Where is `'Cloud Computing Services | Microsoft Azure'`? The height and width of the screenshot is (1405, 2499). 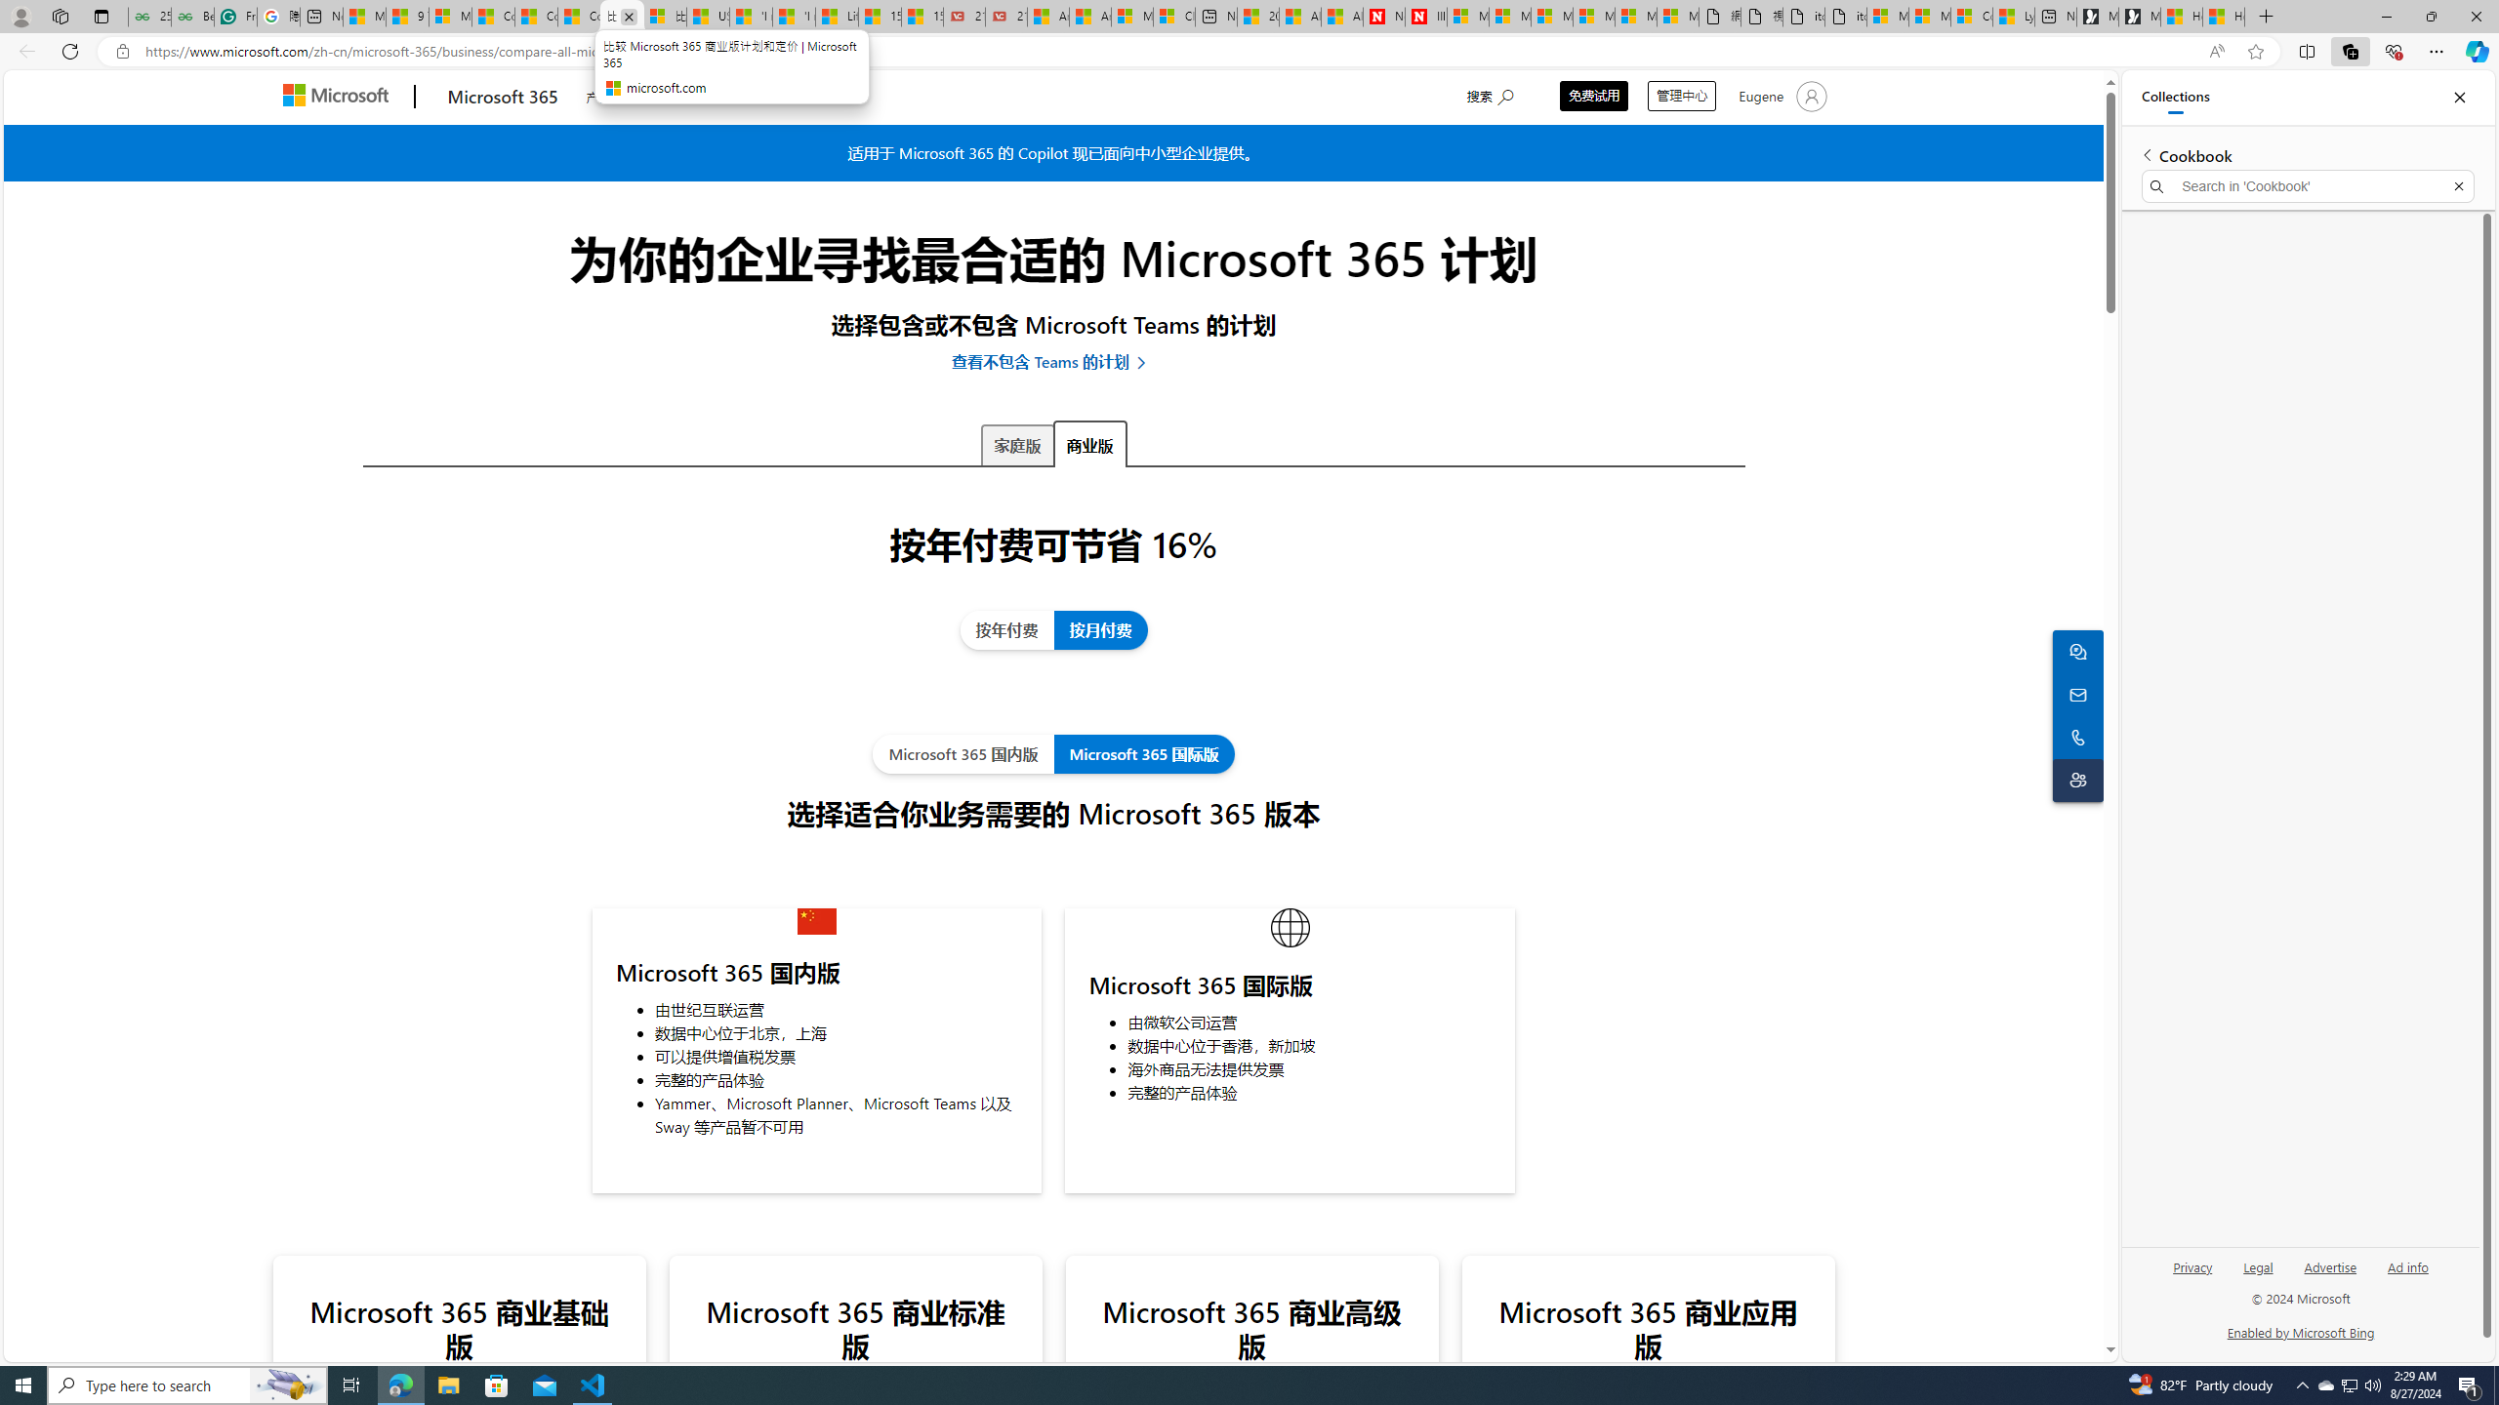 'Cloud Computing Services | Microsoft Azure' is located at coordinates (1173, 16).